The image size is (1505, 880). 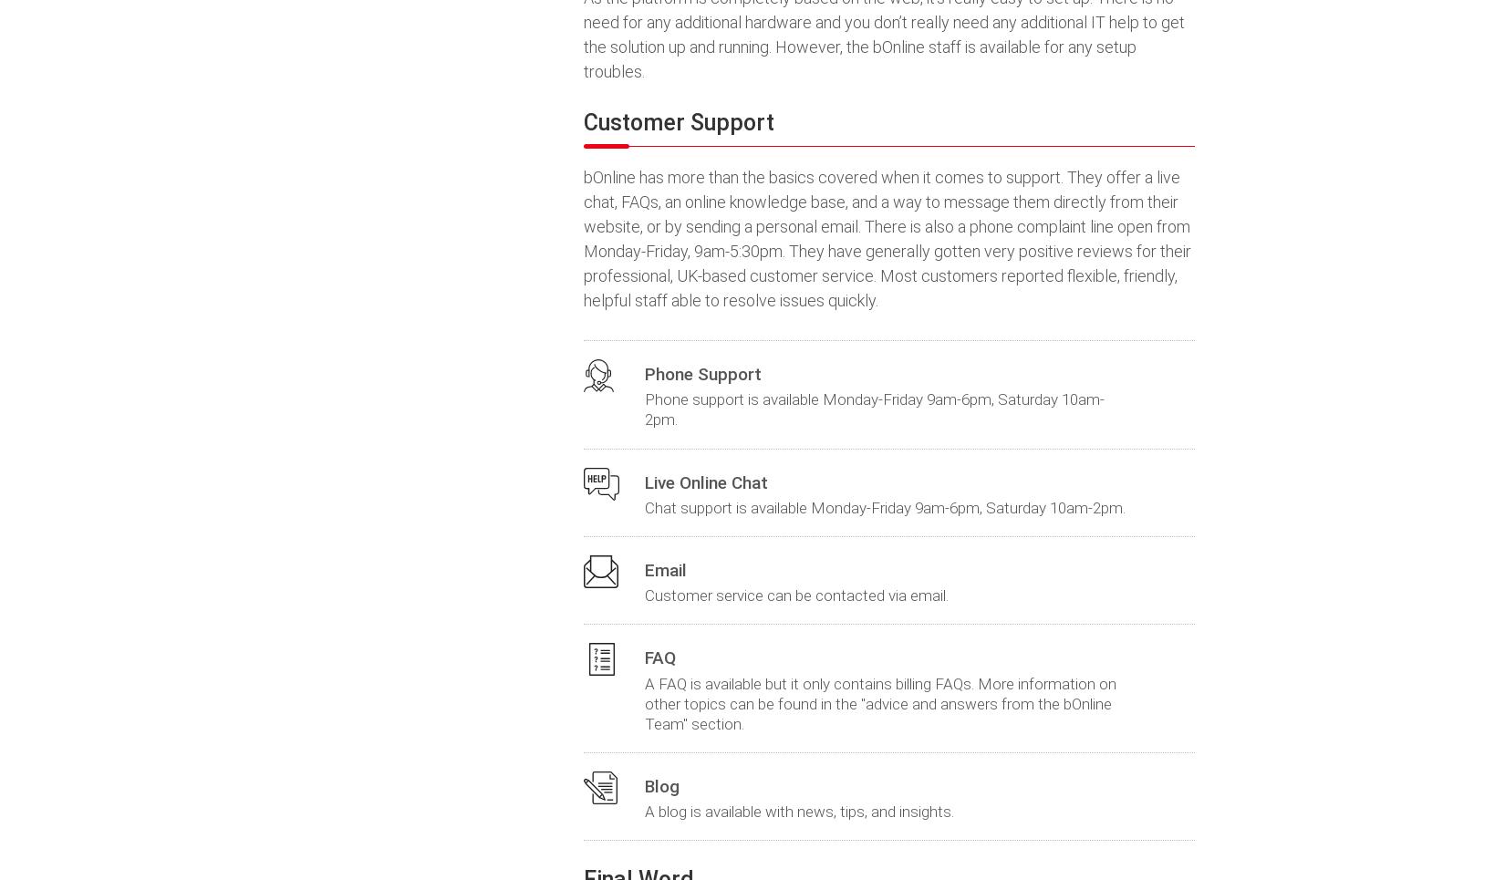 What do you see at coordinates (796, 595) in the screenshot?
I see `'Customer service can be contacted via email.'` at bounding box center [796, 595].